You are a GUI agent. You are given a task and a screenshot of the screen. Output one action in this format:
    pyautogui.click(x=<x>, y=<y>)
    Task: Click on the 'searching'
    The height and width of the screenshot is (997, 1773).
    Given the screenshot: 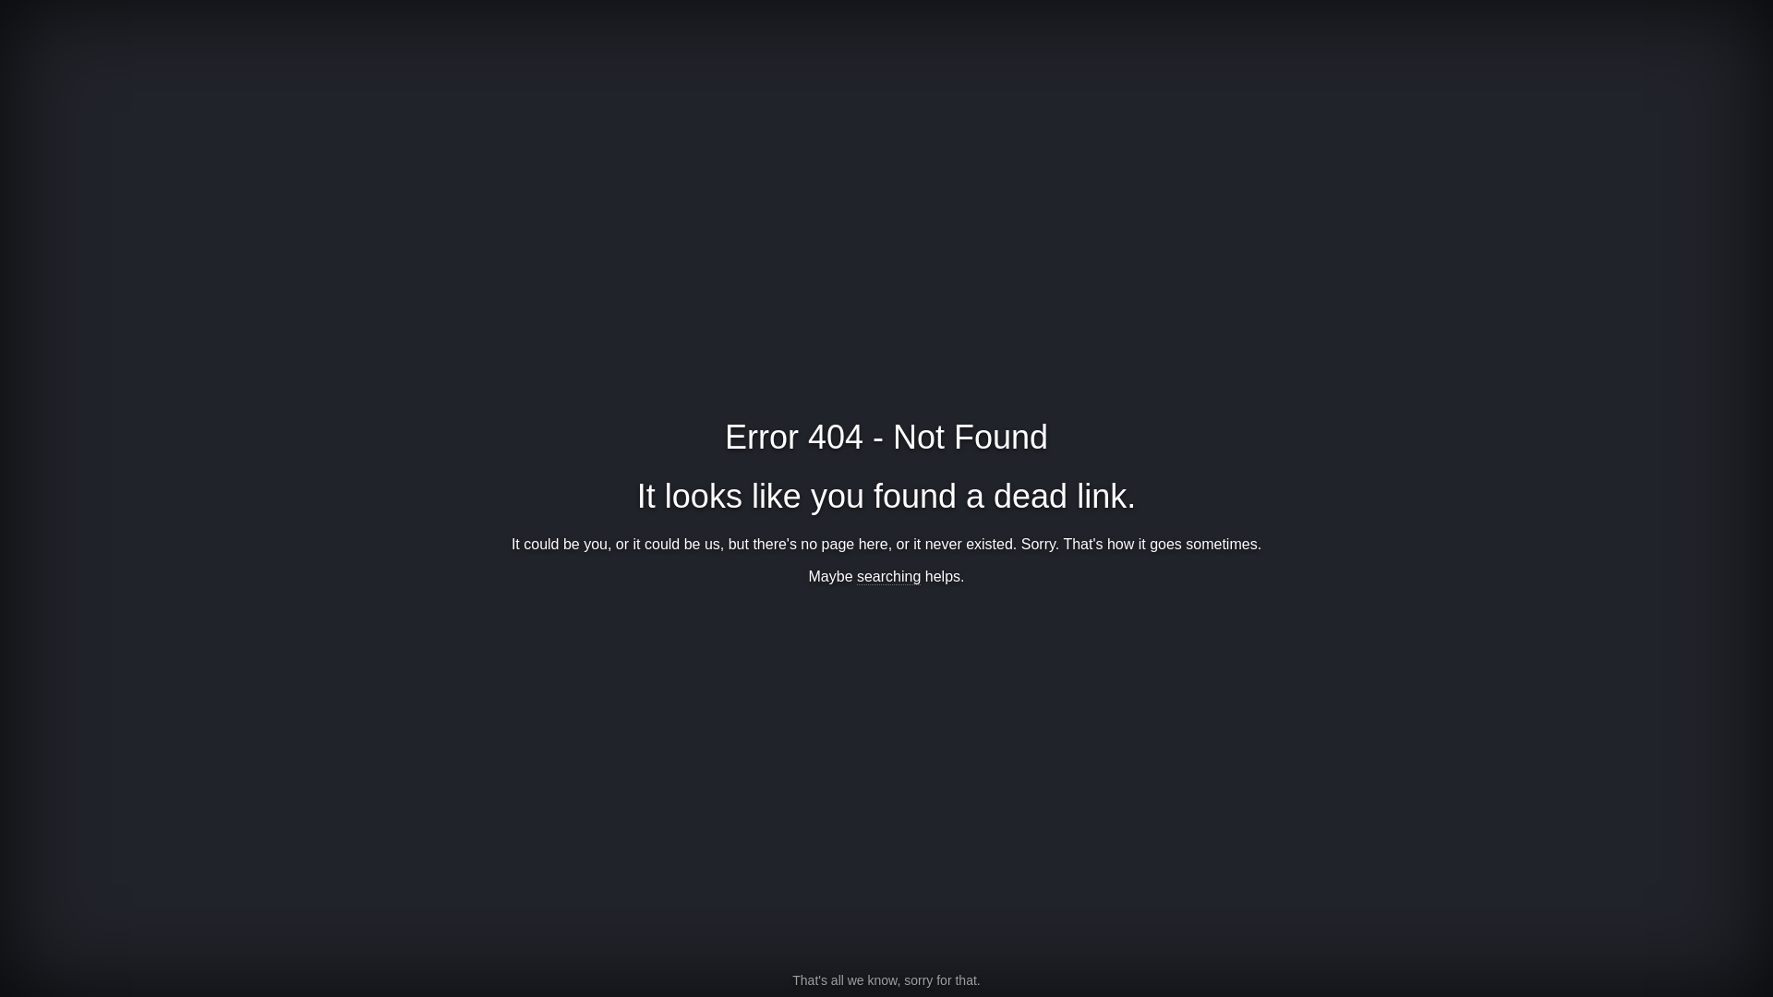 What is the action you would take?
    pyautogui.click(x=888, y=575)
    